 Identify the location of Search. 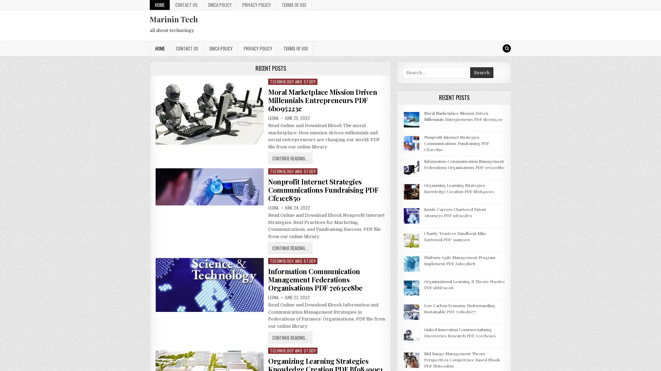
(481, 72).